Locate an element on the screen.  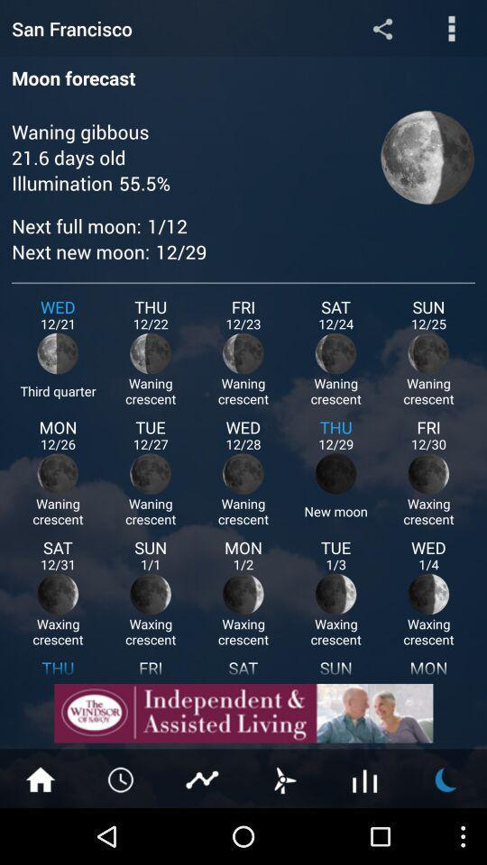
open advertisement is located at coordinates (243, 713).